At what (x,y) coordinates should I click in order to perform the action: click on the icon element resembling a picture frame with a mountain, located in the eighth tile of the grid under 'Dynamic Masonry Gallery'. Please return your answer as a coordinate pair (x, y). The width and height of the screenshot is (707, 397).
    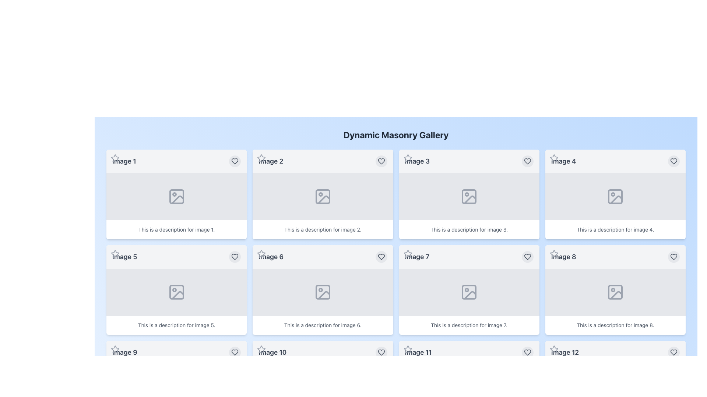
    Looking at the image, I should click on (615, 292).